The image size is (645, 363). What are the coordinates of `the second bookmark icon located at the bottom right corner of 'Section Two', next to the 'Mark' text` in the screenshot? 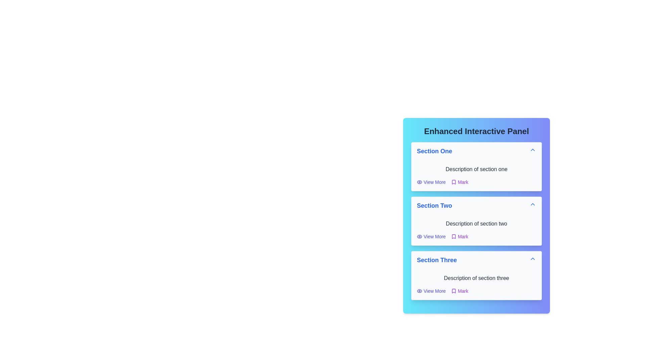 It's located at (453, 236).